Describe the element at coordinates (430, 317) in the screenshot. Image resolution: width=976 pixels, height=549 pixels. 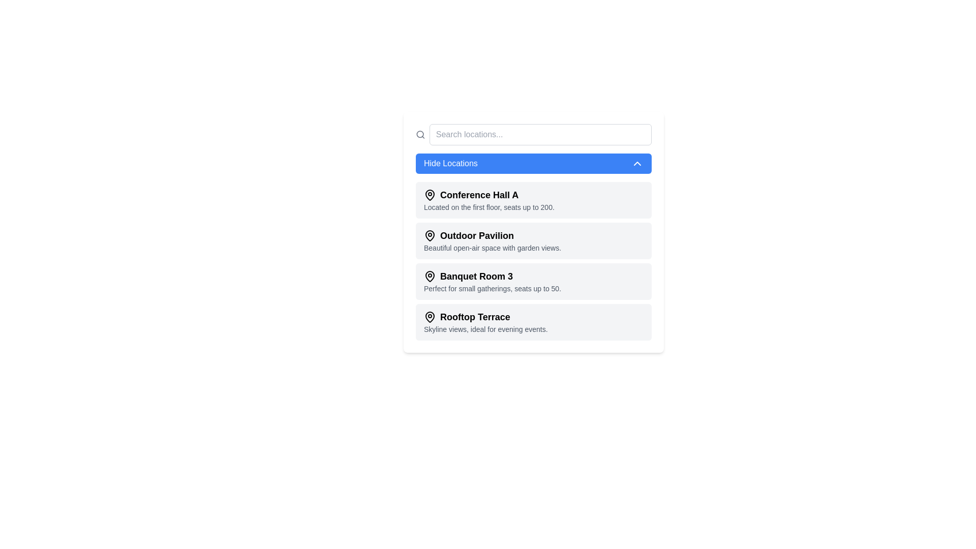
I see `the icon that indicates the location-related context for the text 'Rooftop Terrace', which is positioned as the fourth entry in the list` at that location.